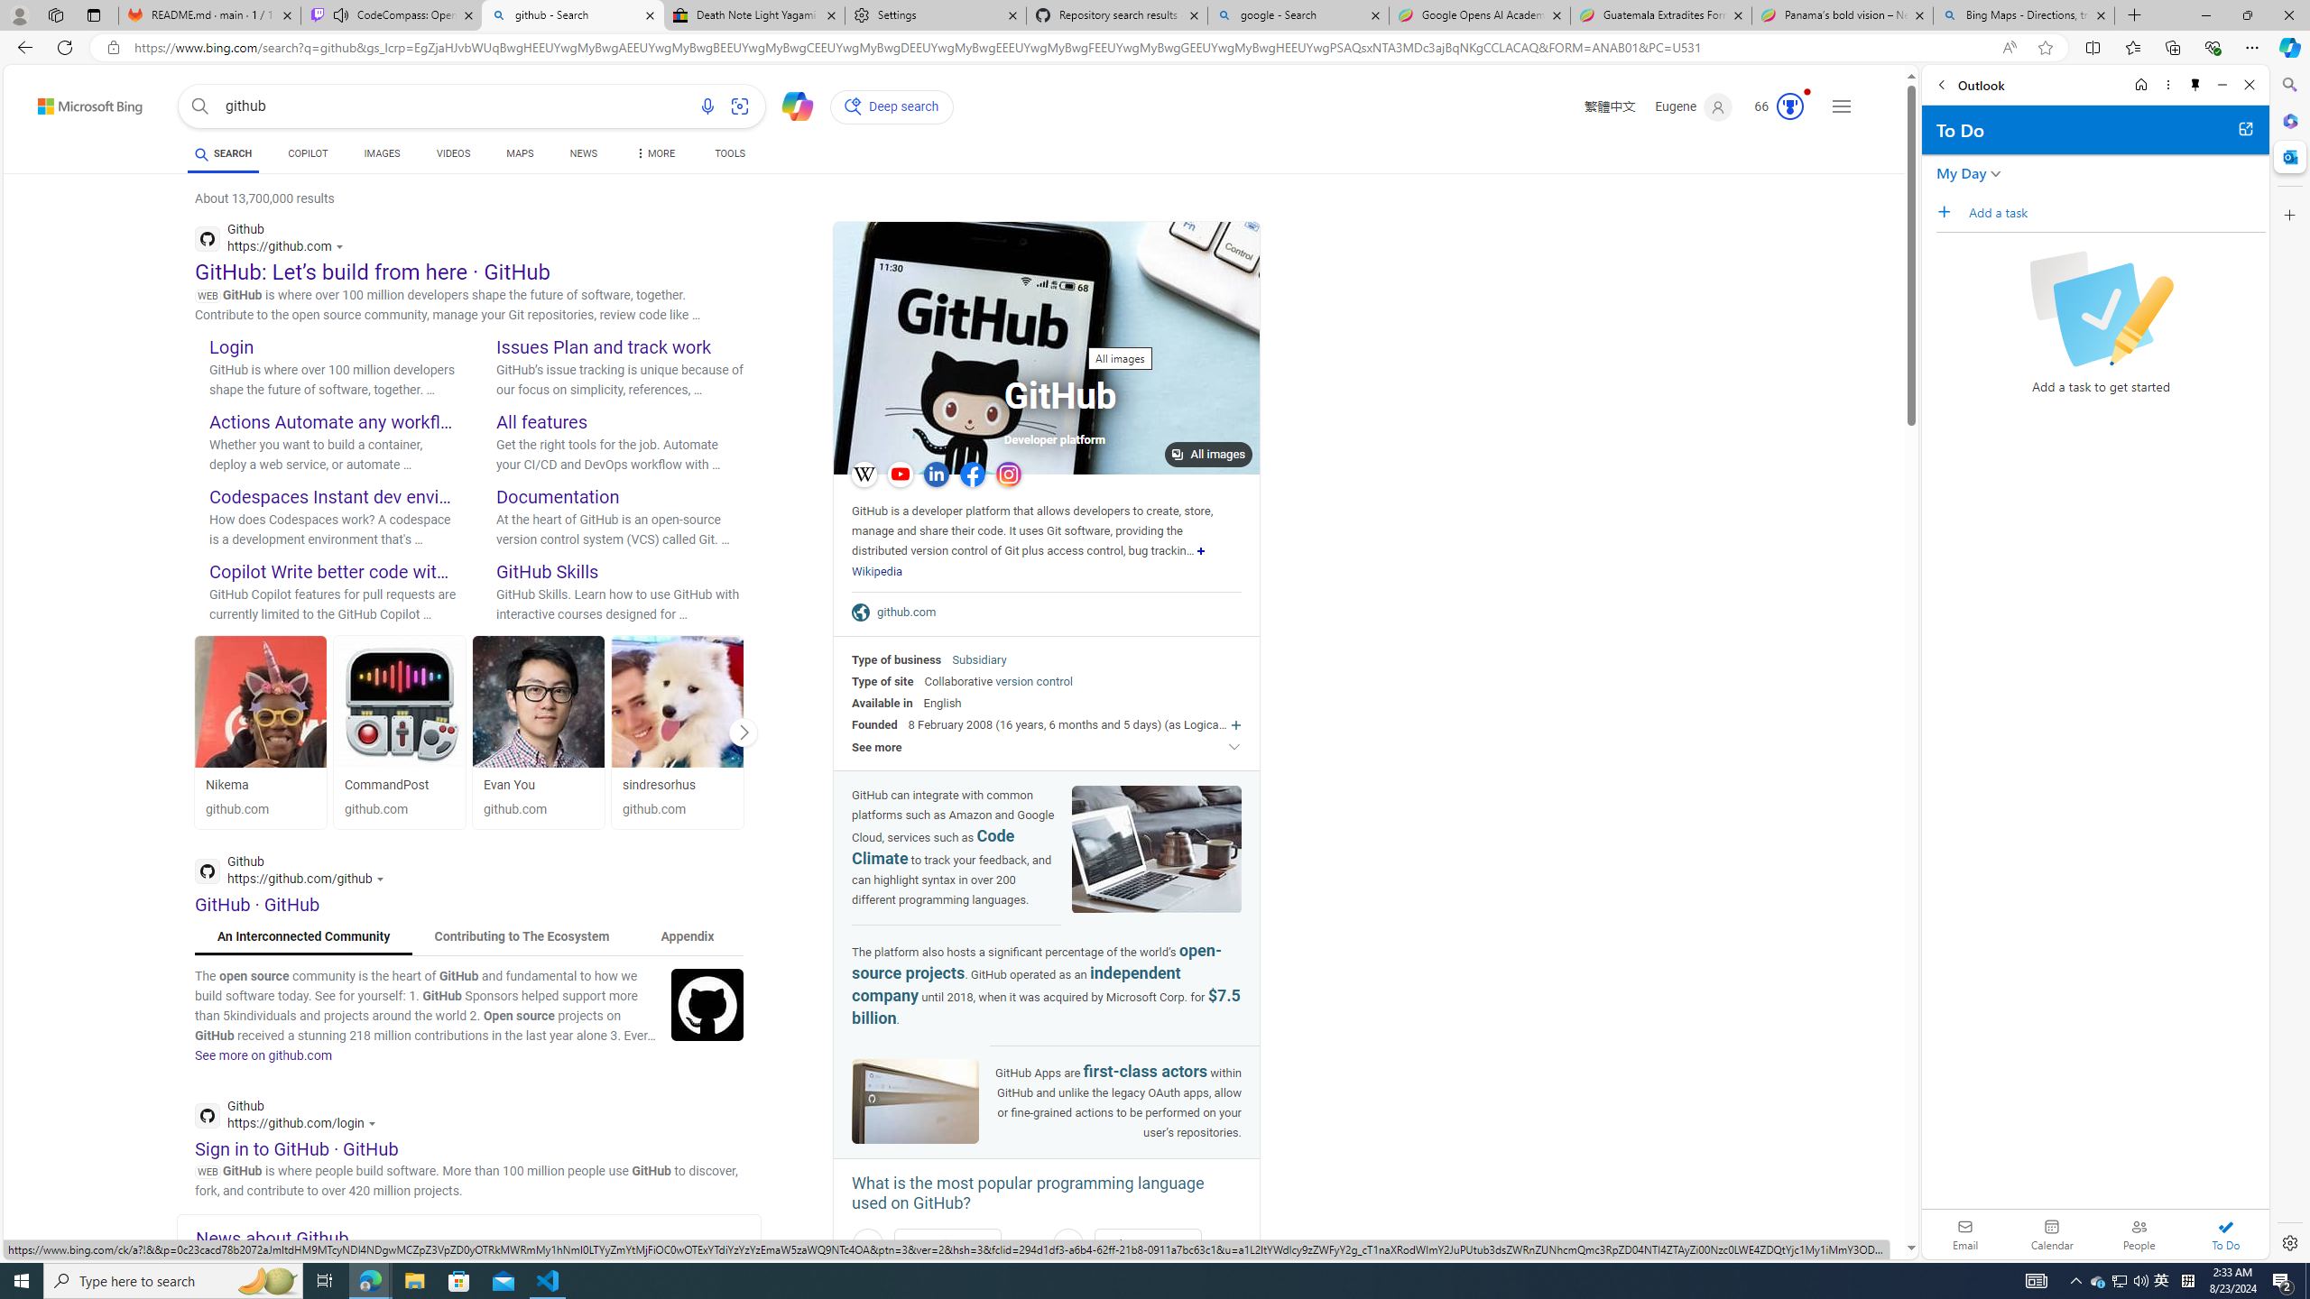  I want to click on 'AutomationID: rh_meter', so click(1790, 106).